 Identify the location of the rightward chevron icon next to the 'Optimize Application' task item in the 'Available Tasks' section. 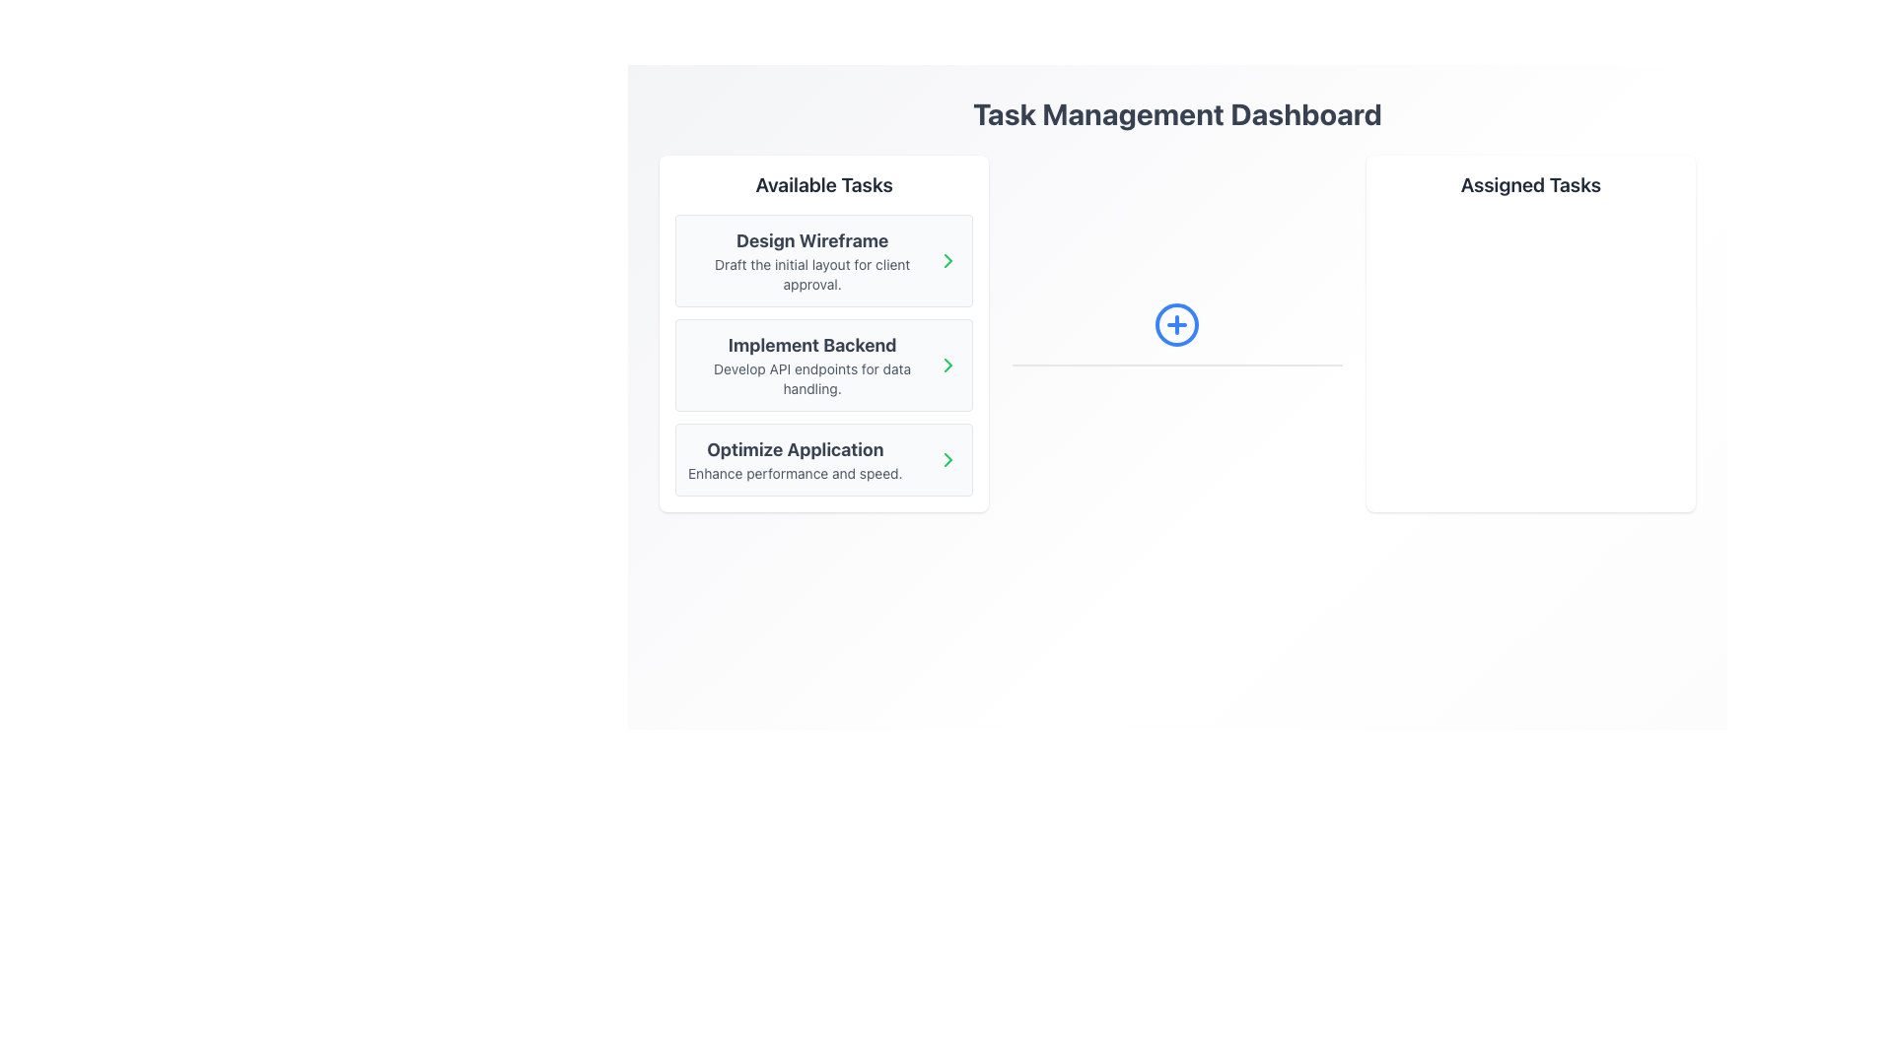
(948, 459).